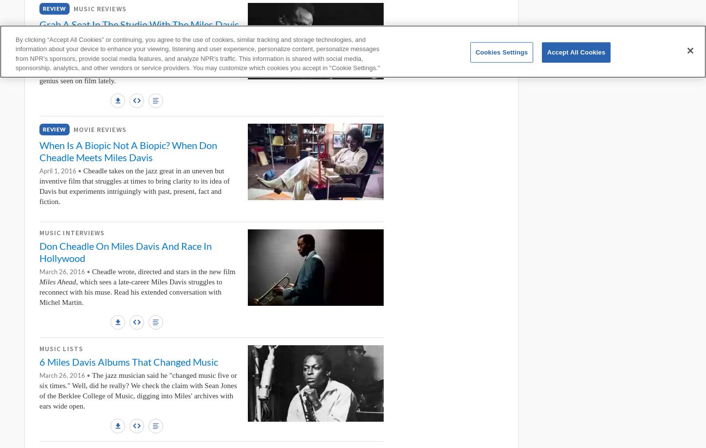  Describe the element at coordinates (128, 150) in the screenshot. I see `'When Is A Biopic Not A Biopic? When Don Cheadle Meets Miles Davis'` at that location.